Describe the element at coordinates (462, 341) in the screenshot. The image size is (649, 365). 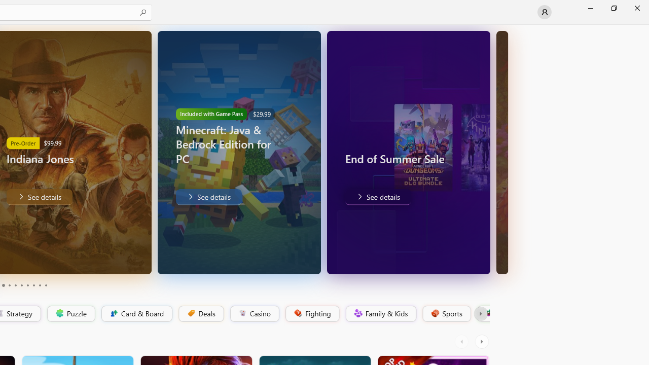
I see `'AutomationID: LeftScrollButton'` at that location.